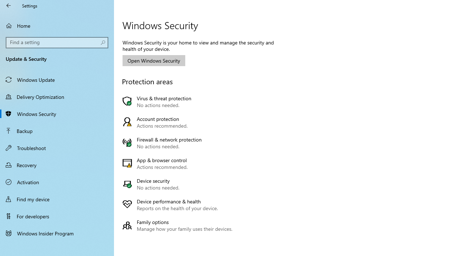  Describe the element at coordinates (57, 113) in the screenshot. I see `'Windows Security'` at that location.